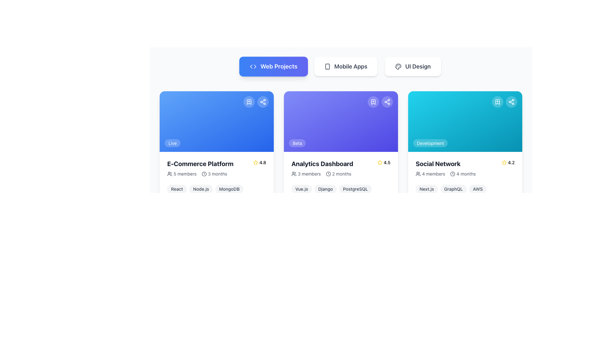  Describe the element at coordinates (340, 188) in the screenshot. I see `the interactive tags within the 'Analytics Dashboard' component tag group, located under the '3 members | 2 months' line and above the 'View Project' button` at that location.